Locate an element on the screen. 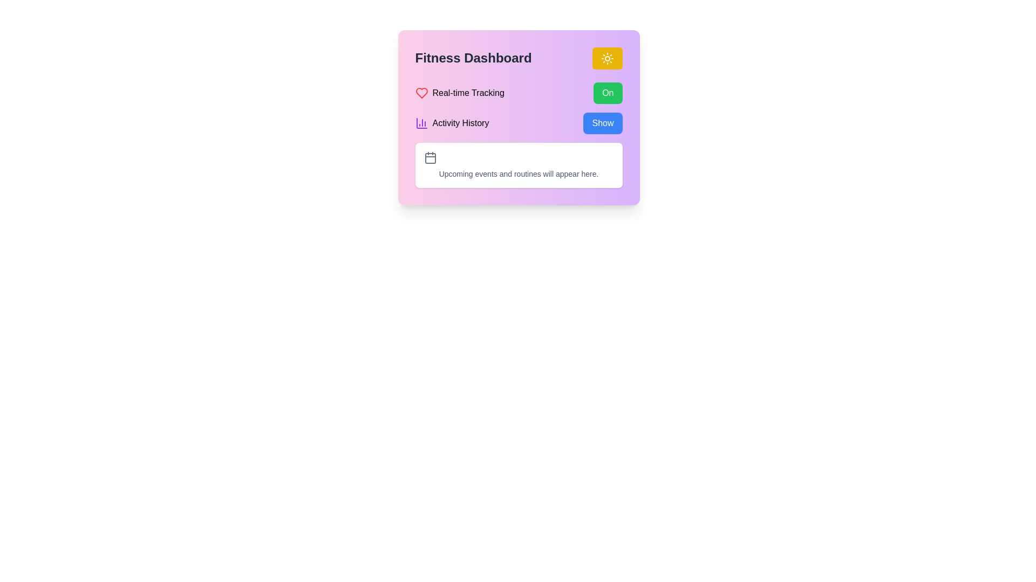 The image size is (1036, 582). the red heart icon representing the 'Real-time Tracking' feature located in the top-left portion of the interface is located at coordinates (421, 92).